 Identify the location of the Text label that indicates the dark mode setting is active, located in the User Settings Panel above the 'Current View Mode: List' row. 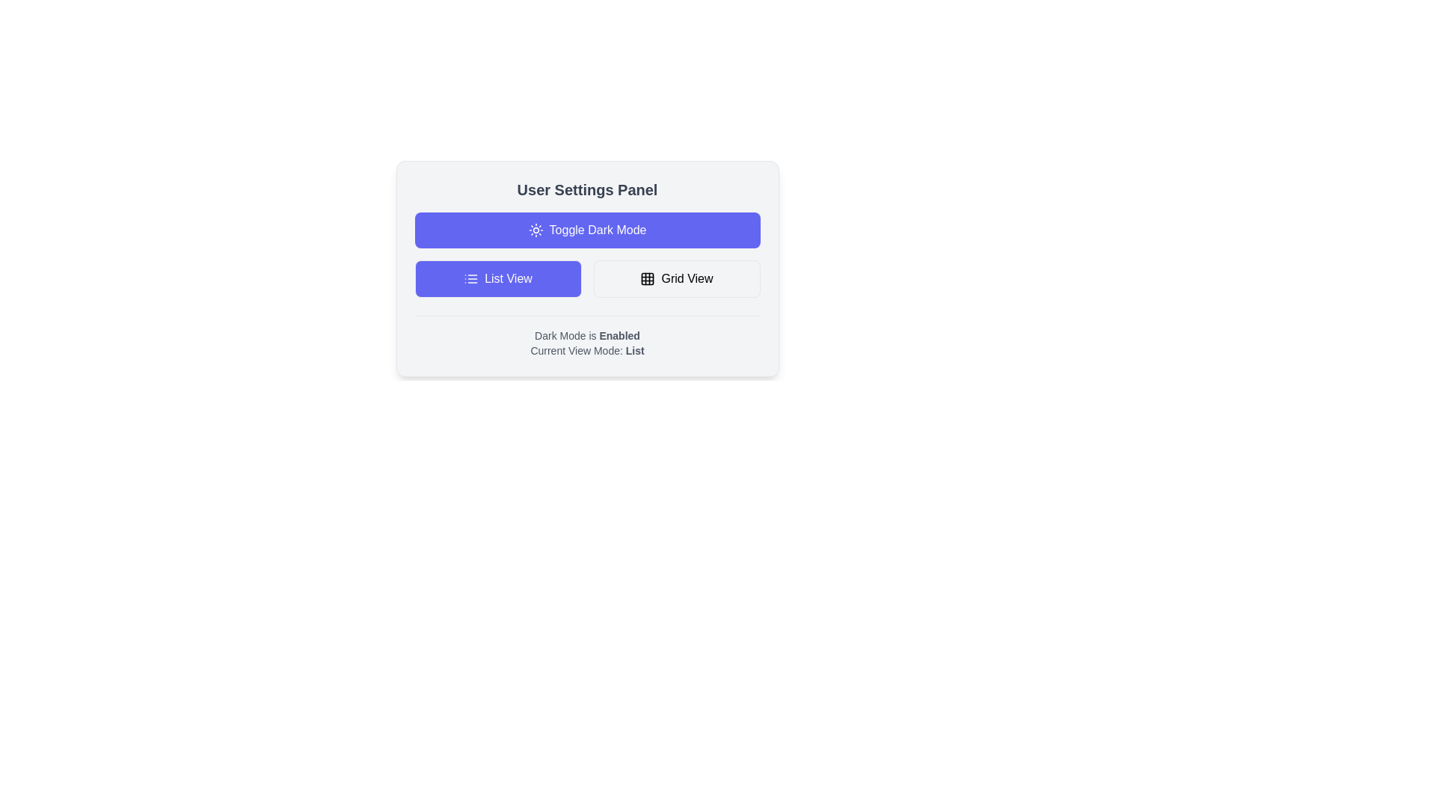
(586, 334).